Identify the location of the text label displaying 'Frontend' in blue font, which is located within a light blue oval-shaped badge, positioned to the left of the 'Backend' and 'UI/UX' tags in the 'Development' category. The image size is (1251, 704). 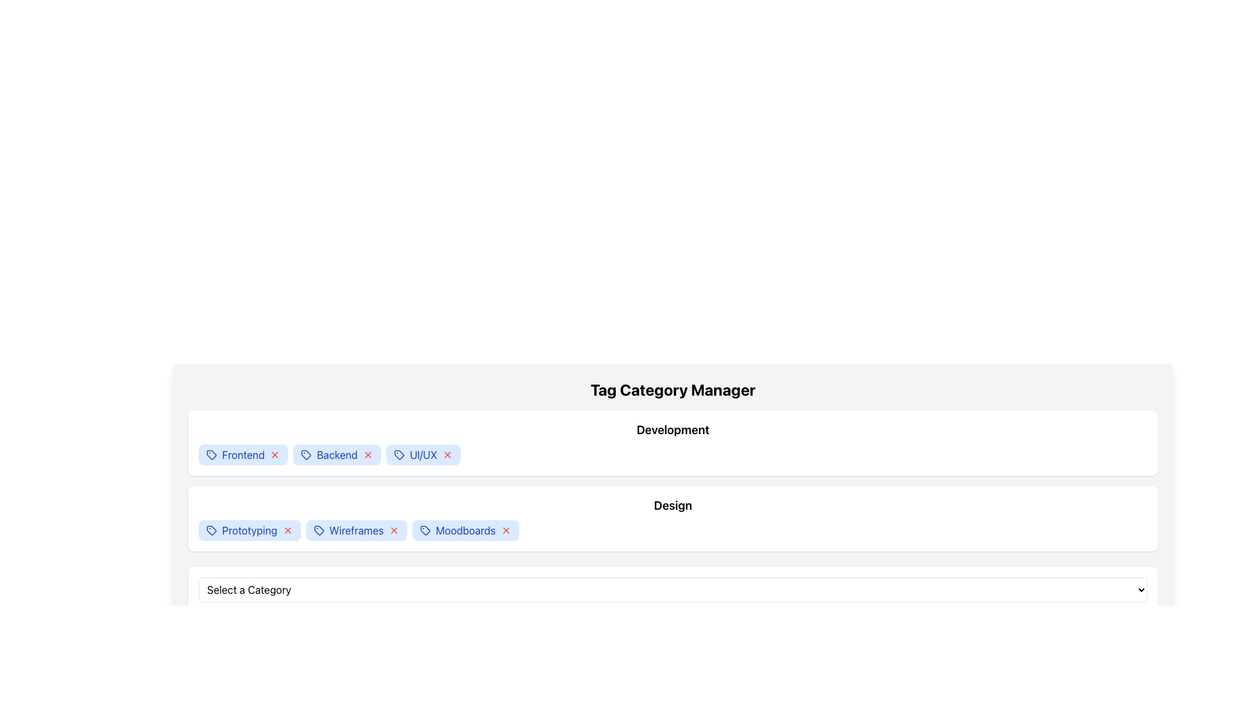
(243, 454).